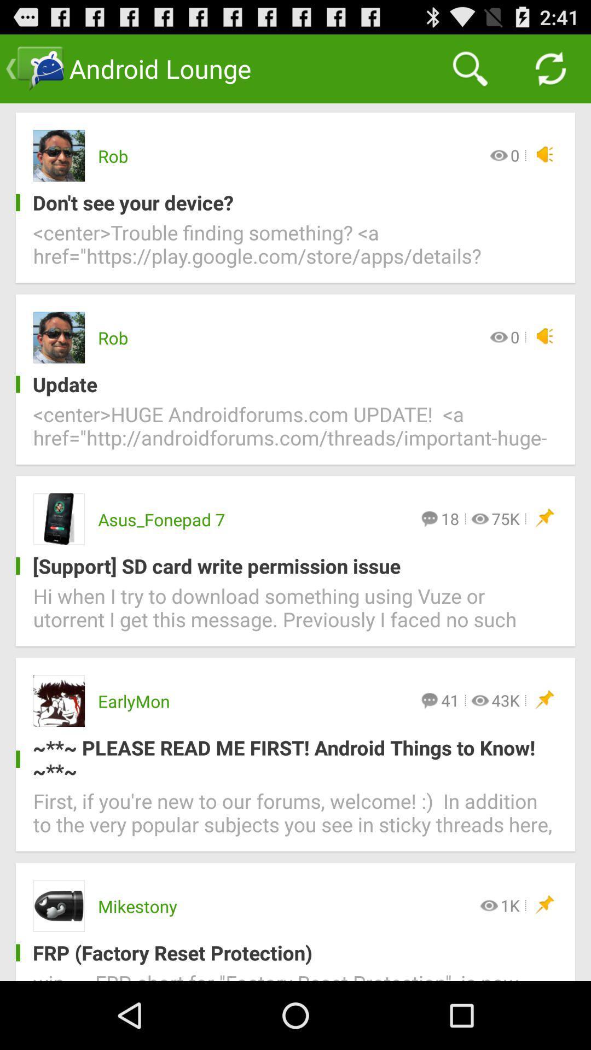  What do you see at coordinates (506, 518) in the screenshot?
I see `the item below center huge androidforums icon` at bounding box center [506, 518].